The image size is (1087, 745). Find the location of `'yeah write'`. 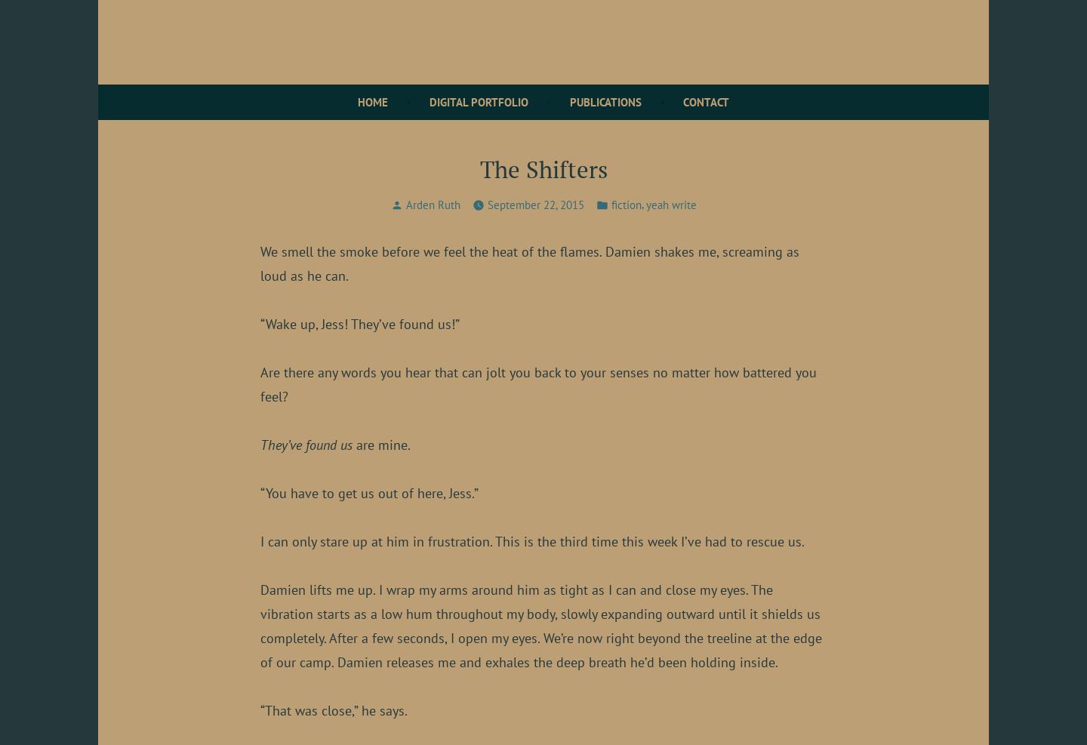

'yeah write' is located at coordinates (645, 204).